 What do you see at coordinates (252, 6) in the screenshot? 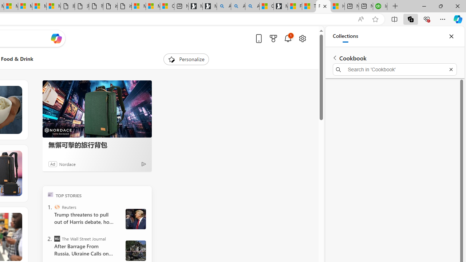
I see `'Alabama high school quarterback dies - Search Videos'` at bounding box center [252, 6].